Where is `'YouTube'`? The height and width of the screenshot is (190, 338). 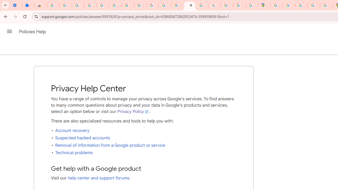
'YouTube' is located at coordinates (140, 5).